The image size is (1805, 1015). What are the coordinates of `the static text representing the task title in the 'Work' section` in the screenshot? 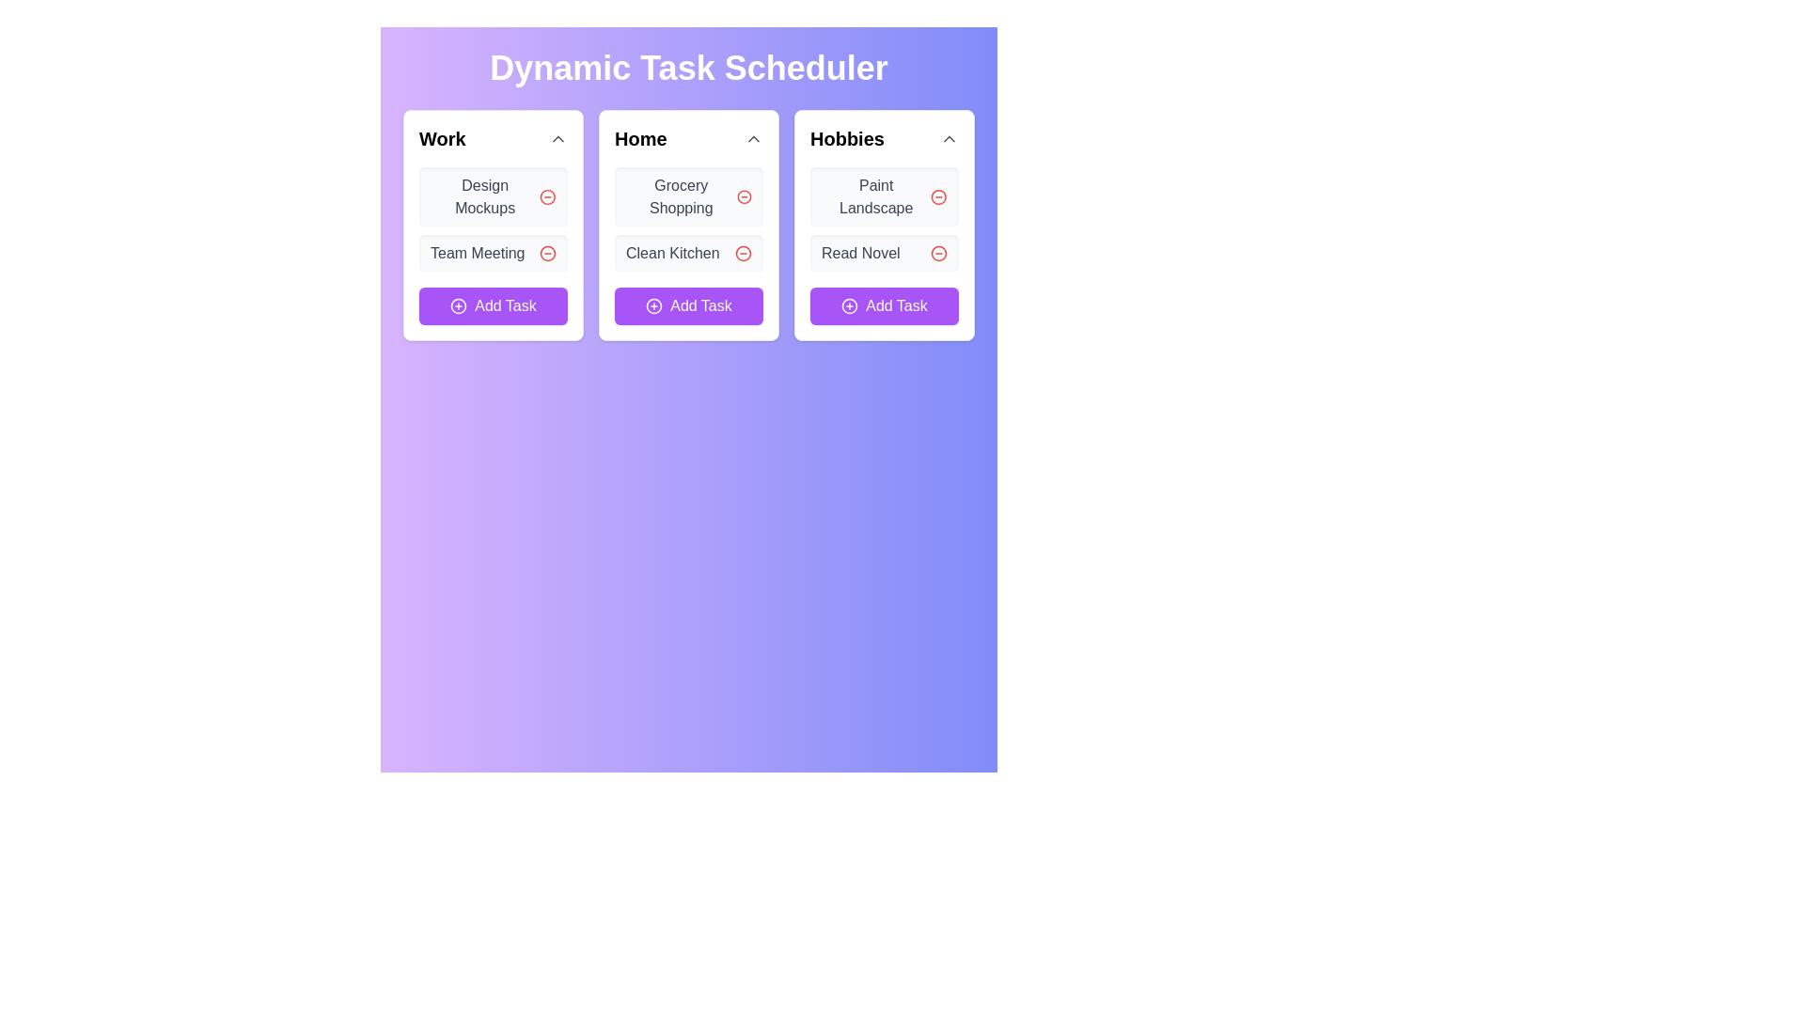 It's located at (485, 196).